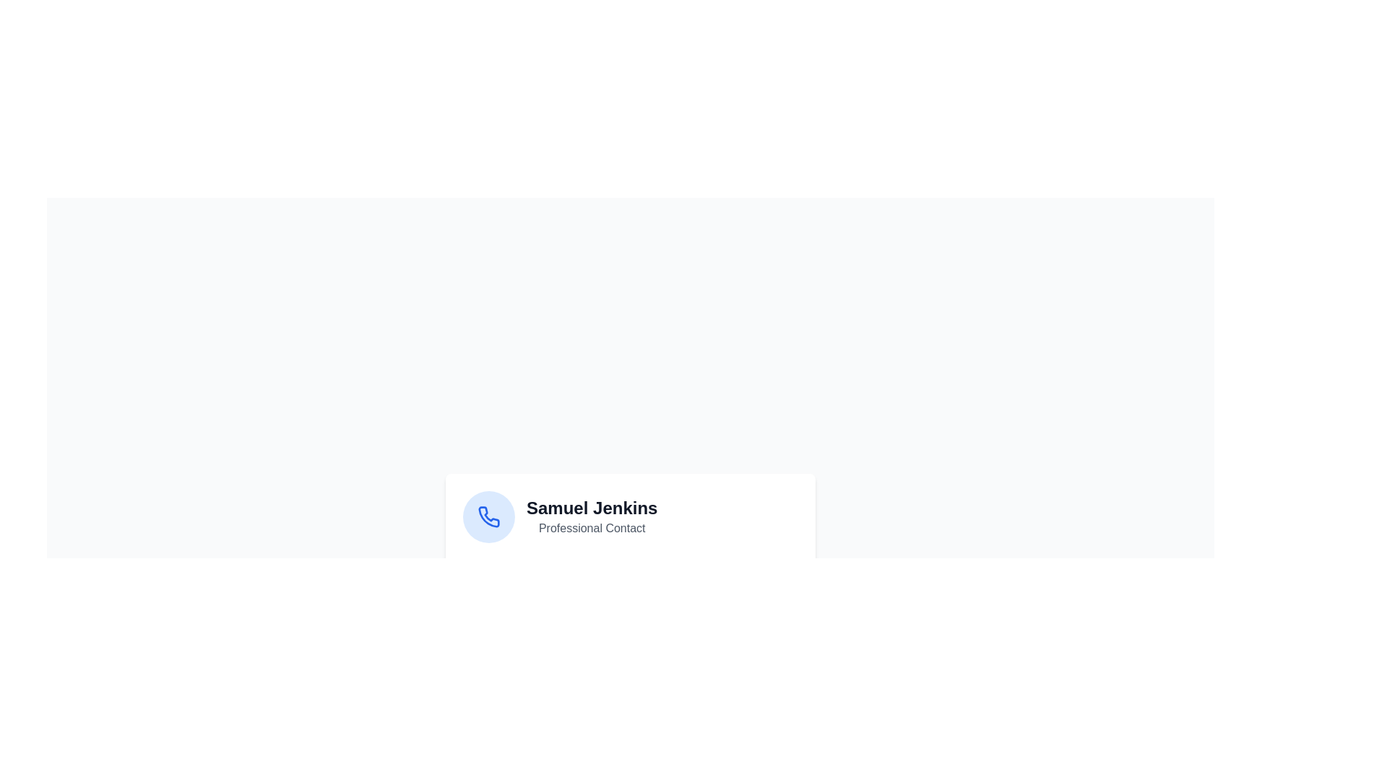 This screenshot has height=780, width=1387. Describe the element at coordinates (488, 516) in the screenshot. I see `the circular call-related icon located to the left of the text 'Samuel Jenkins' and 'Professional Contact'` at that location.